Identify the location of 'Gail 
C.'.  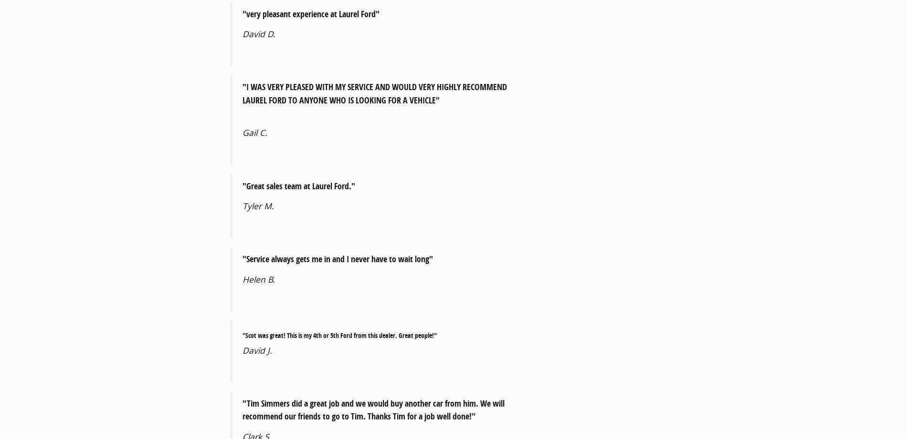
(255, 132).